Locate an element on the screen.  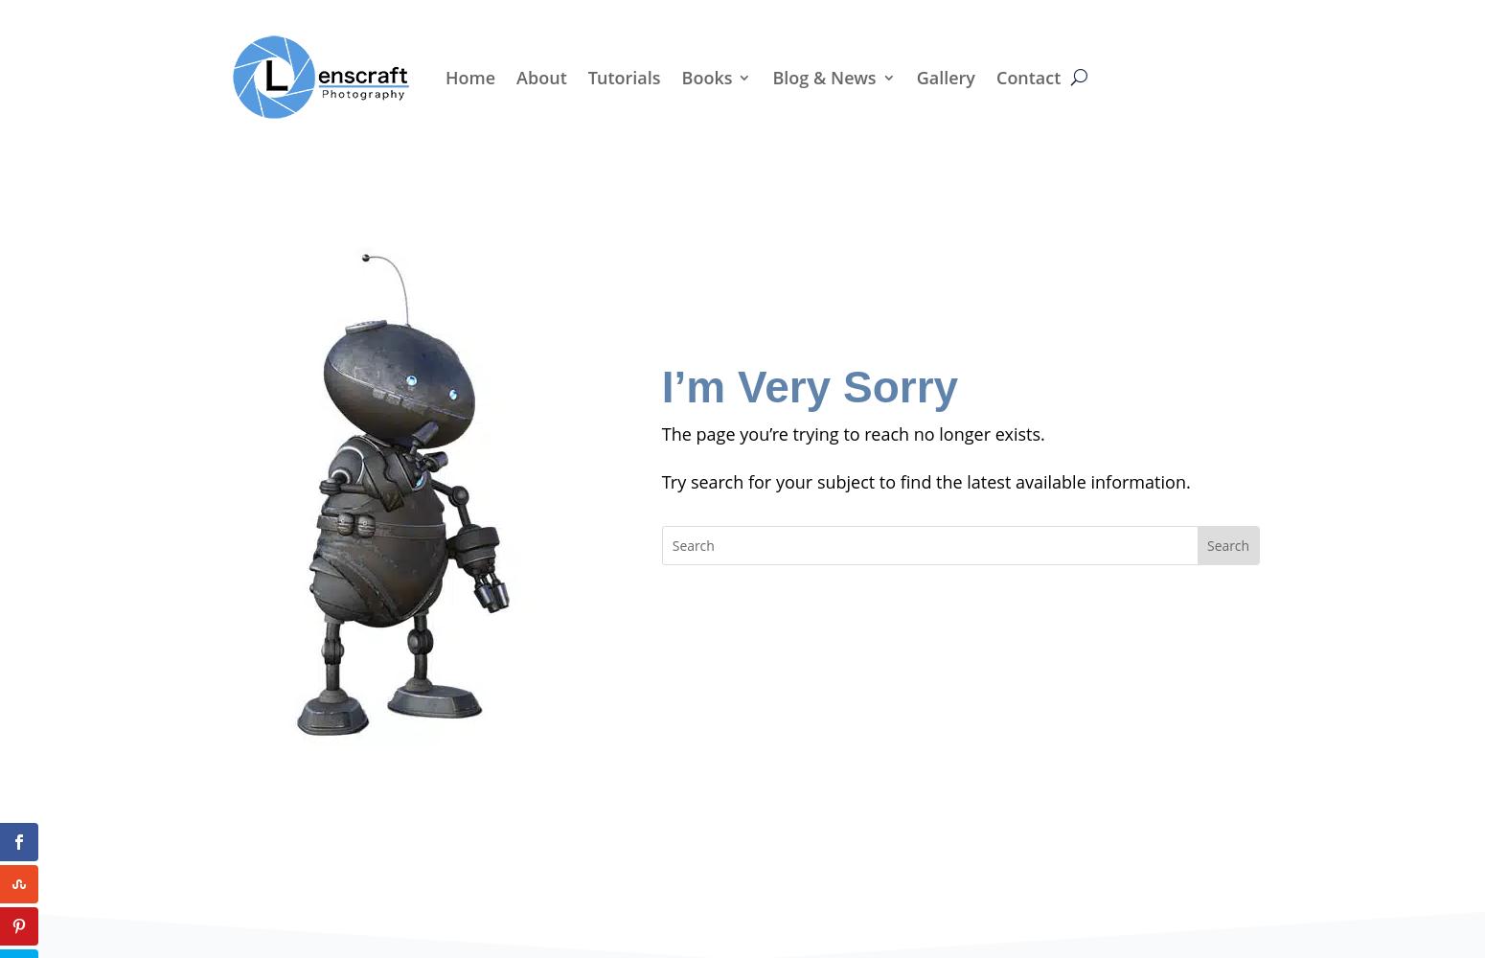
'Books' is located at coordinates (706, 76).